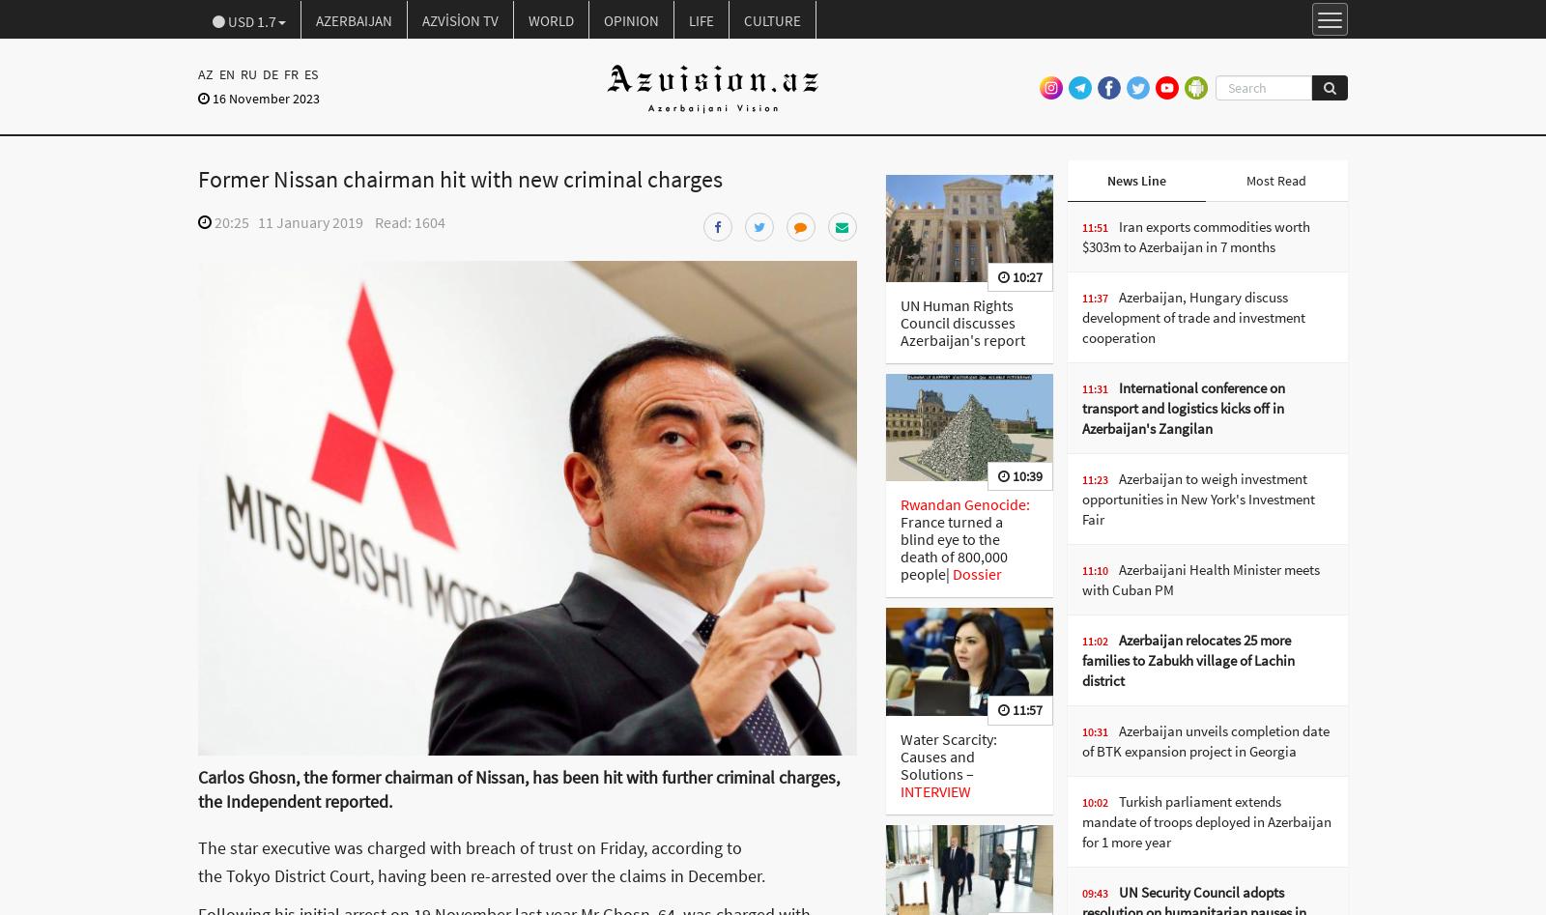 This screenshot has width=1546, height=915. Describe the element at coordinates (1081, 236) in the screenshot. I see `'Iran exports commodities worth $303m to Azerbaijan in 7 months'` at that location.